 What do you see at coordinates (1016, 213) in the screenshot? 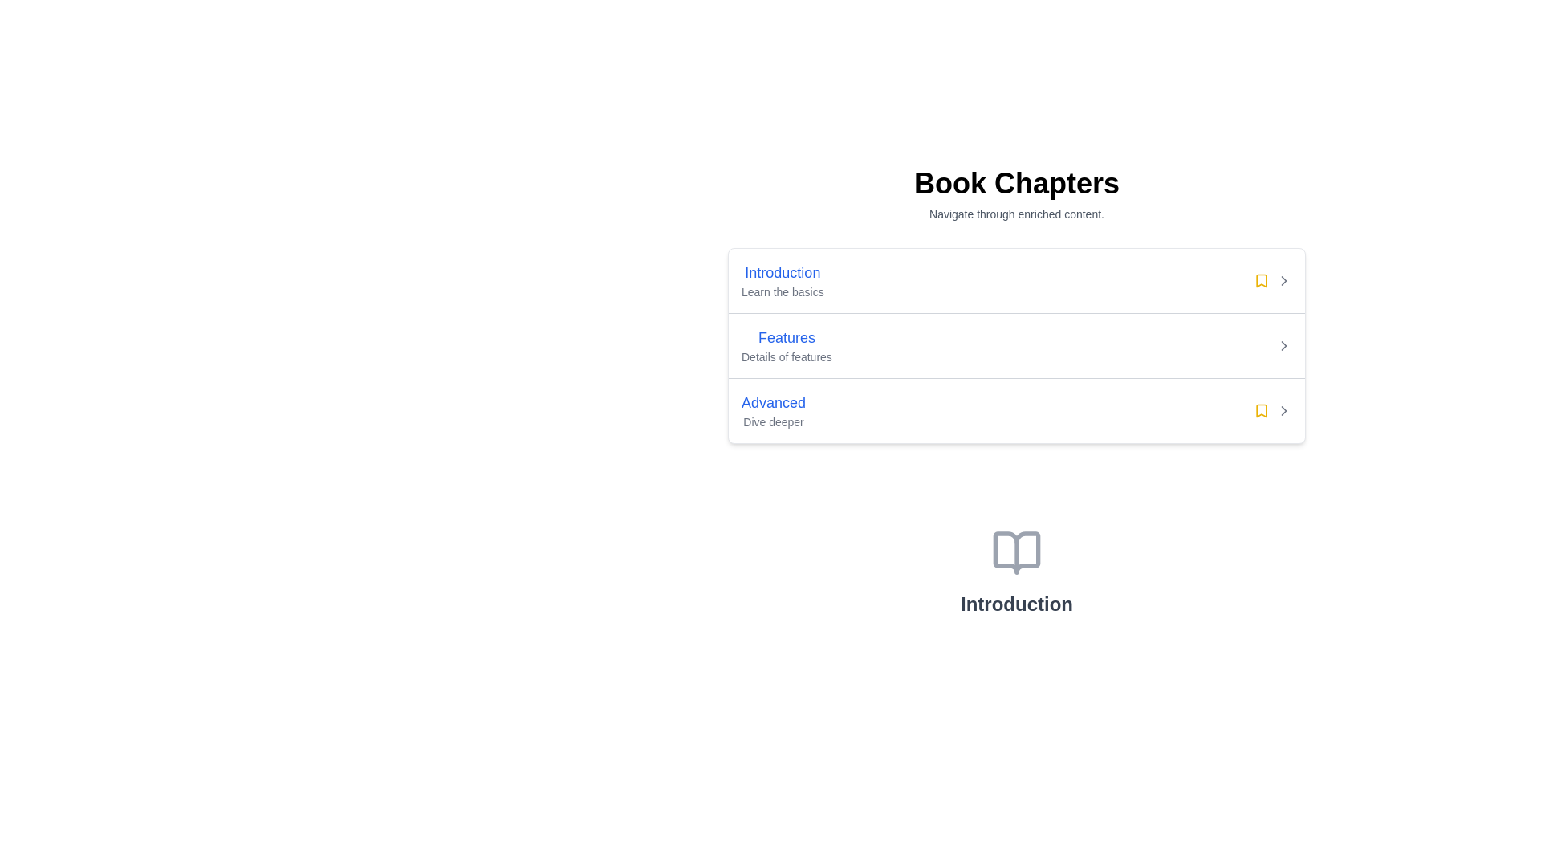
I see `the text label displaying 'Navigate through enriched content.' which is located directly beneath the 'Book Chapters' header` at bounding box center [1016, 213].